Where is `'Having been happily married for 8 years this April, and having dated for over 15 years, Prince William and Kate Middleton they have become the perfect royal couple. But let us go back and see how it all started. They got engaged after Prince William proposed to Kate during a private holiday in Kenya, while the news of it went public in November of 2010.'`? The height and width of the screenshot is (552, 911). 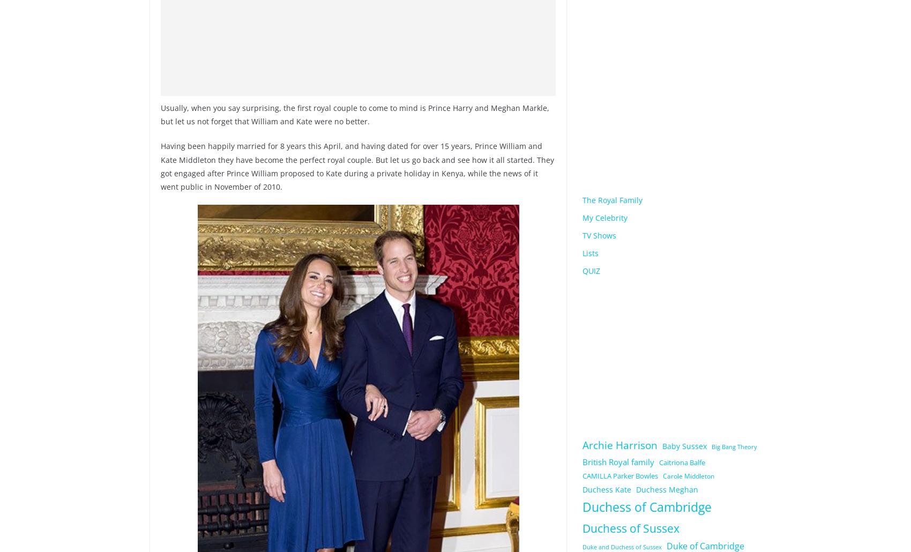
'Having been happily married for 8 years this April, and having dated for over 15 years, Prince William and Kate Middleton they have become the perfect royal couple. But let us go back and see how it all started. They got engaged after Prince William proposed to Kate during a private holiday in Kenya, while the news of it went public in November of 2010.' is located at coordinates (161, 166).